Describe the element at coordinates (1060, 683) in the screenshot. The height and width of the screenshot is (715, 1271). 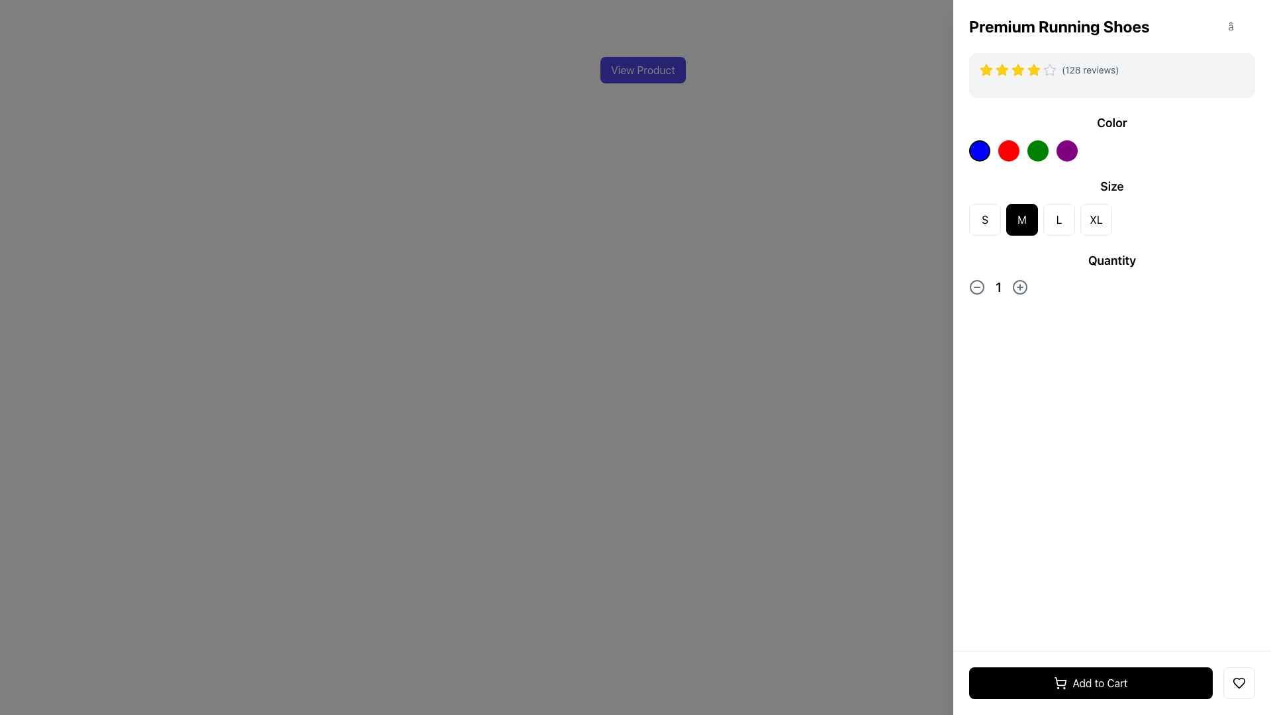
I see `the shopping cart icon within the 'Add to Cart' button, which is centrally positioned and has a simplistic linear stroke design against a black background` at that location.